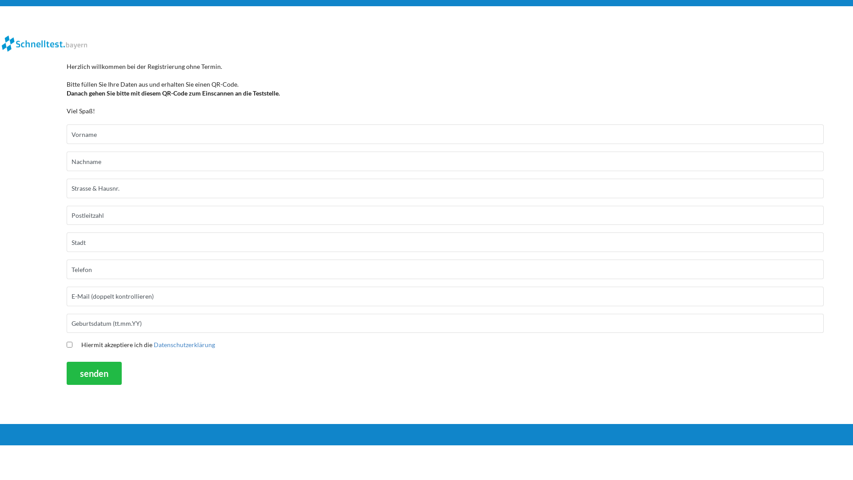  Describe the element at coordinates (94, 373) in the screenshot. I see `'senden'` at that location.